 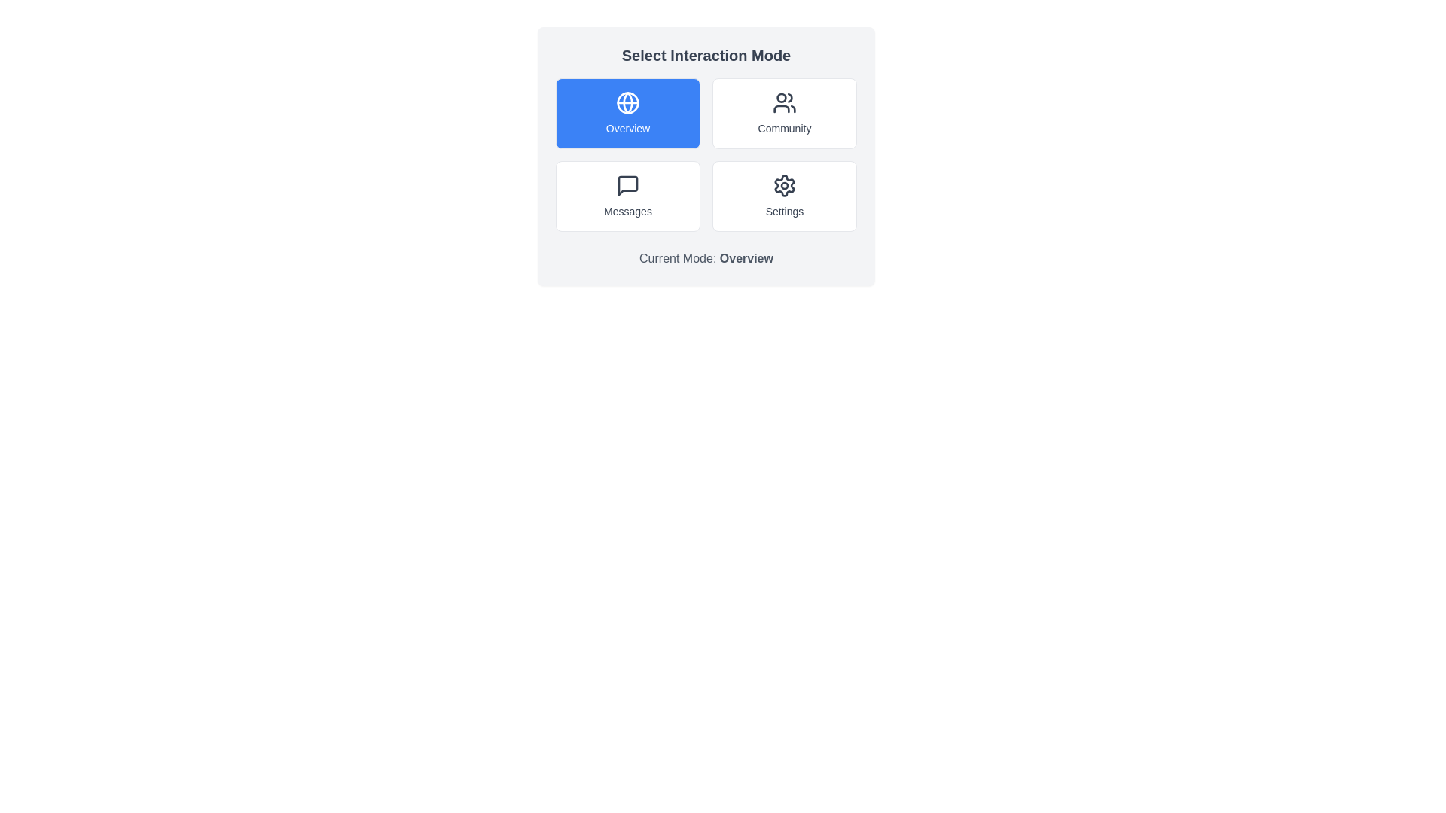 I want to click on the Messages button to observe the hover effect, so click(x=628, y=196).